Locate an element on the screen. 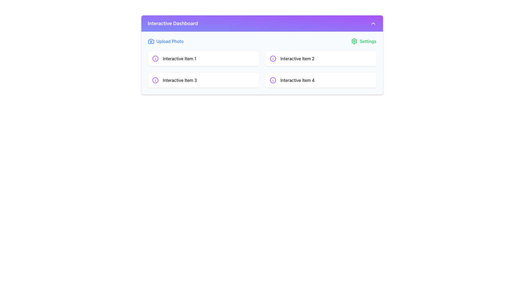  the circular information icon with a purple outline located in the upper-left section of the interactive dashboard, specifically to the left of the text in the card labeled 'Interactive Item 1' is located at coordinates (155, 58).